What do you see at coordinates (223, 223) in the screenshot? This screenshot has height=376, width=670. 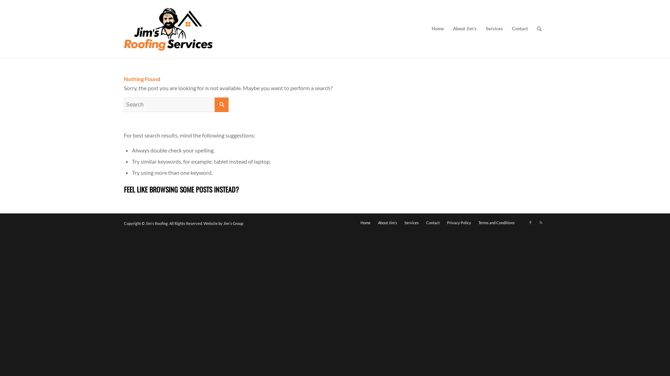 I see `'Jim's Group'` at bounding box center [223, 223].